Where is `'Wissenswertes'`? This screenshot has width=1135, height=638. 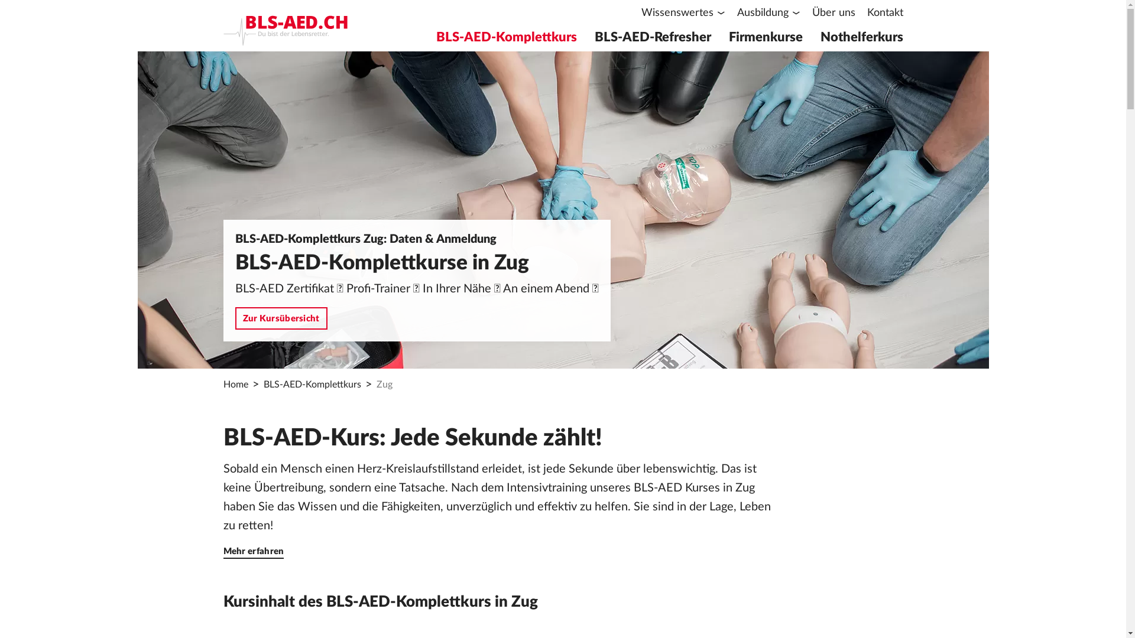 'Wissenswertes' is located at coordinates (683, 13).